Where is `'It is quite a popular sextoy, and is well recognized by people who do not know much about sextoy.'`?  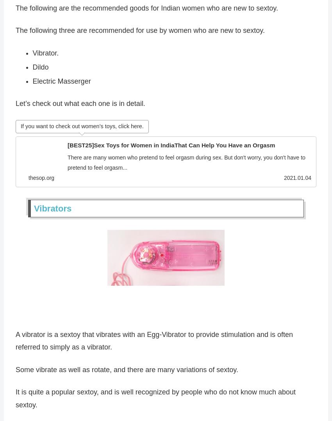
'It is quite a popular sextoy, and is well recognized by people who do not know much about sextoy.' is located at coordinates (155, 400).